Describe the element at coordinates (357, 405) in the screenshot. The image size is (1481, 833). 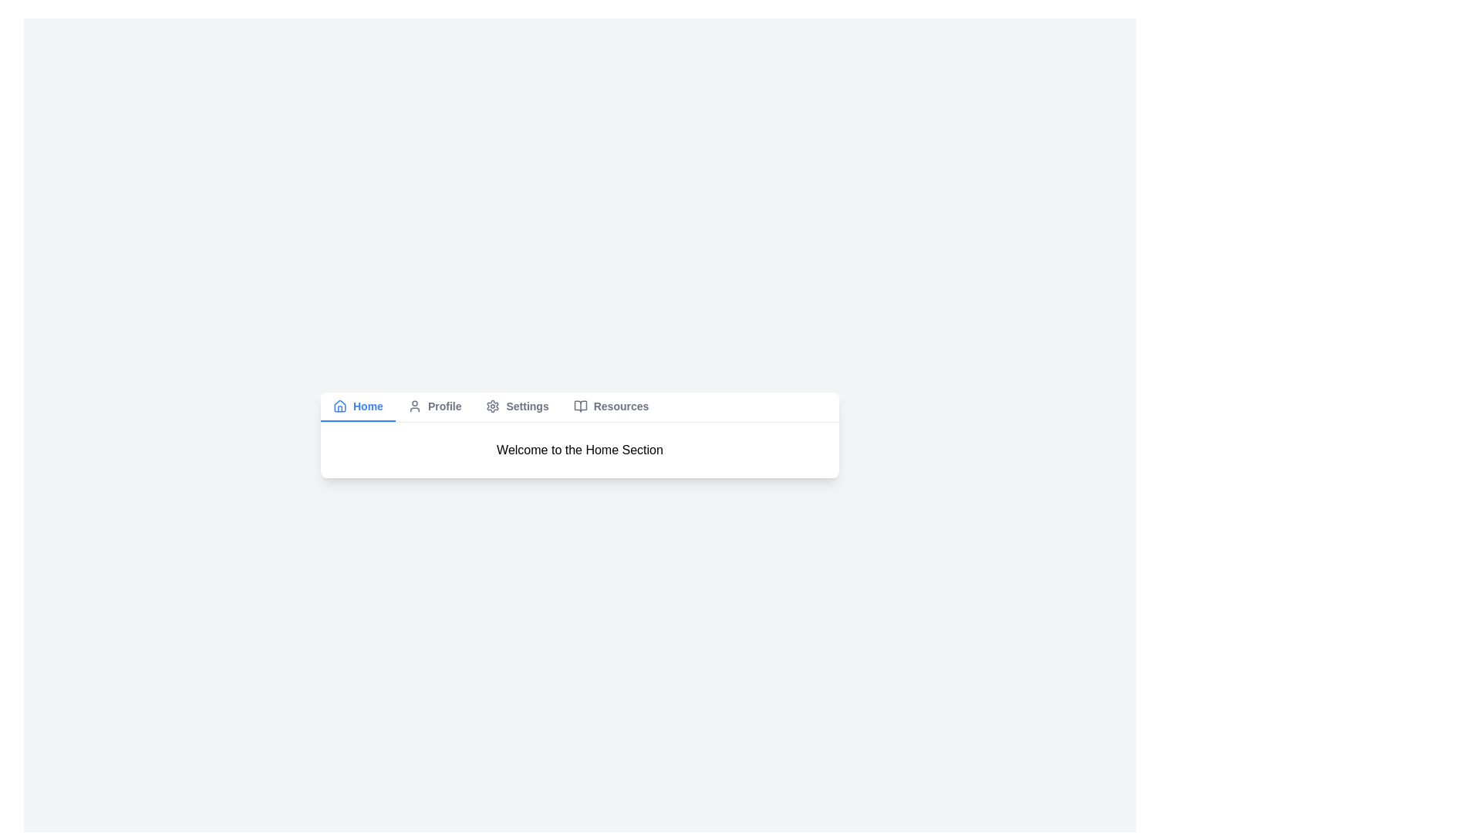
I see `the 'Home' button in the navigation bar` at that location.